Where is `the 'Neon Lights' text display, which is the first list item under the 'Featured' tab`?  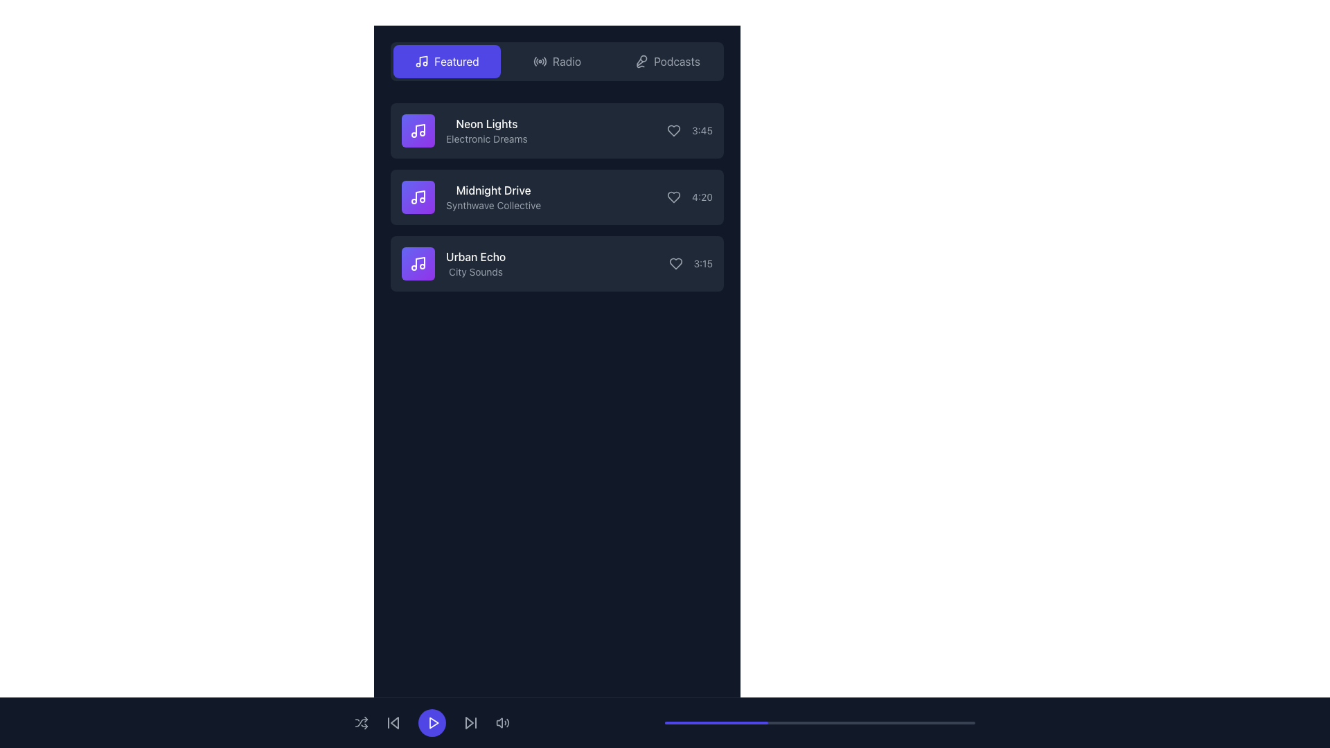
the 'Neon Lights' text display, which is the first list item under the 'Featured' tab is located at coordinates (486, 131).